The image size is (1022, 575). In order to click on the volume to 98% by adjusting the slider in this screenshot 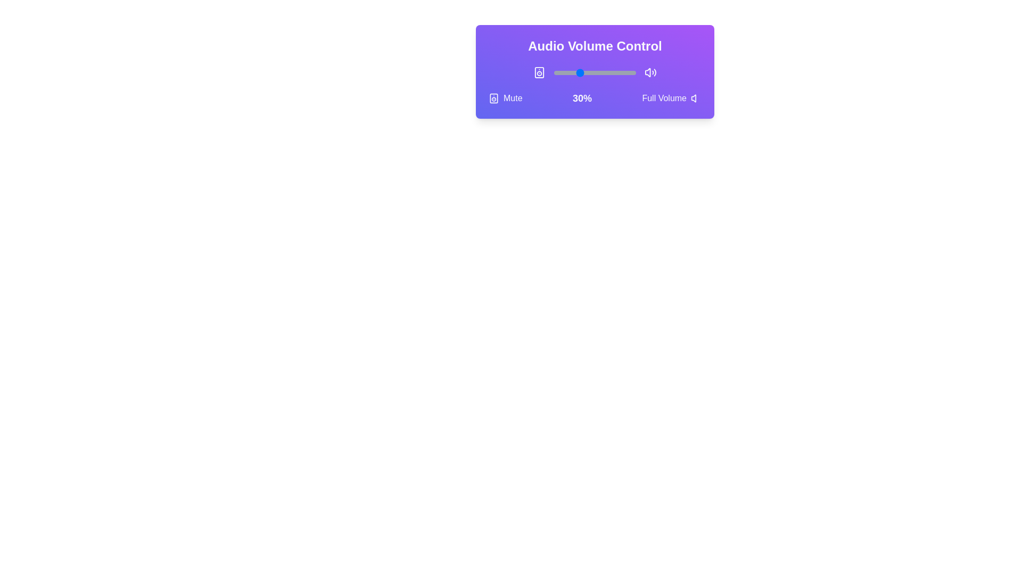, I will do `click(634, 72)`.